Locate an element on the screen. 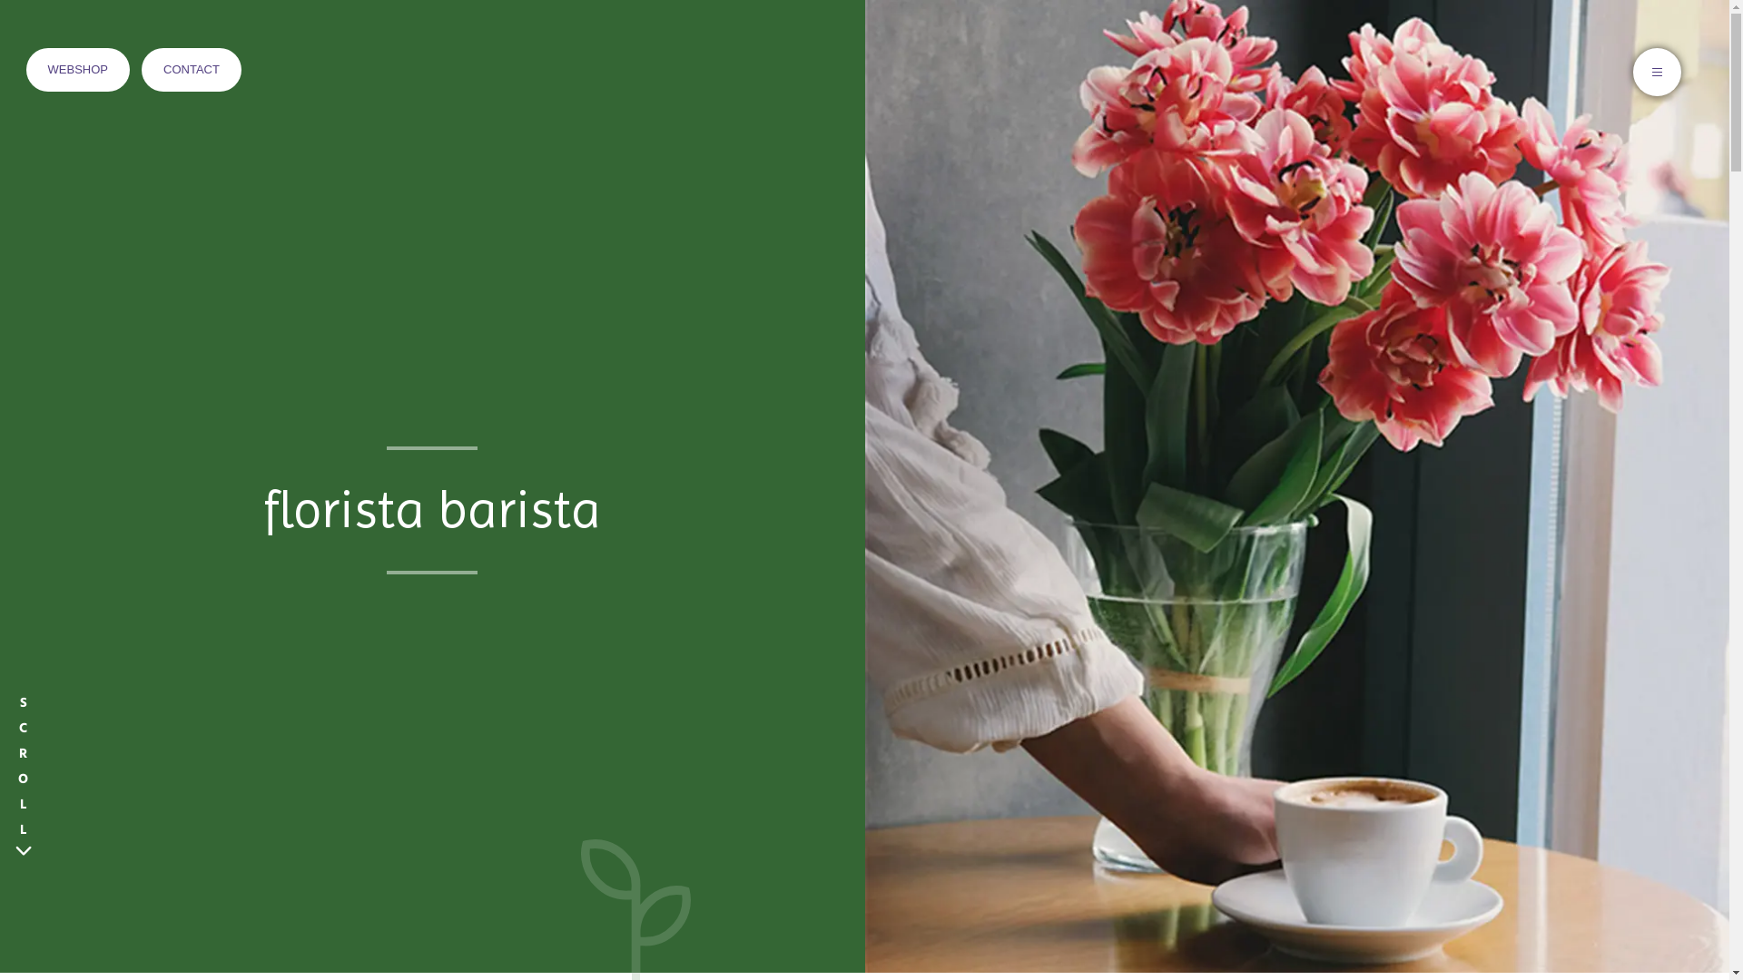 This screenshot has height=980, width=1743. 'WEBSHOP' is located at coordinates (77, 69).